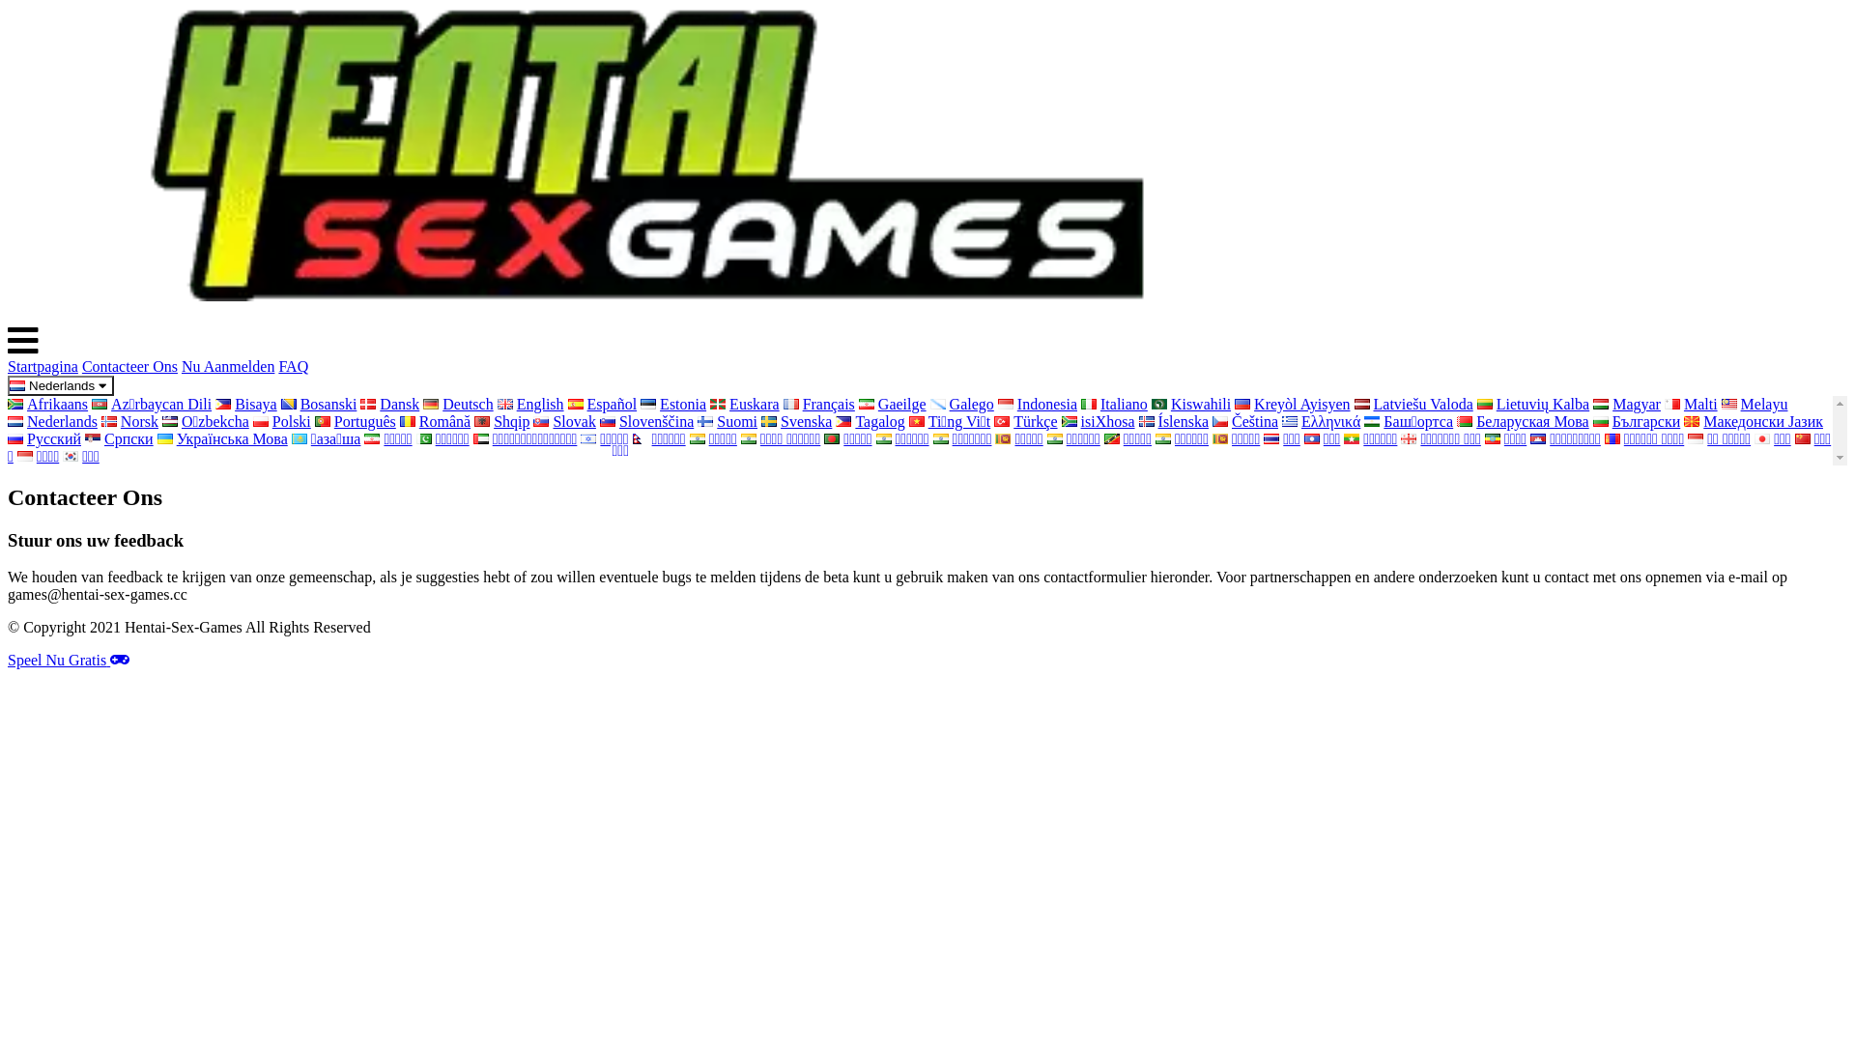 The image size is (1855, 1043). Describe the element at coordinates (244, 403) in the screenshot. I see `'Bisaya'` at that location.